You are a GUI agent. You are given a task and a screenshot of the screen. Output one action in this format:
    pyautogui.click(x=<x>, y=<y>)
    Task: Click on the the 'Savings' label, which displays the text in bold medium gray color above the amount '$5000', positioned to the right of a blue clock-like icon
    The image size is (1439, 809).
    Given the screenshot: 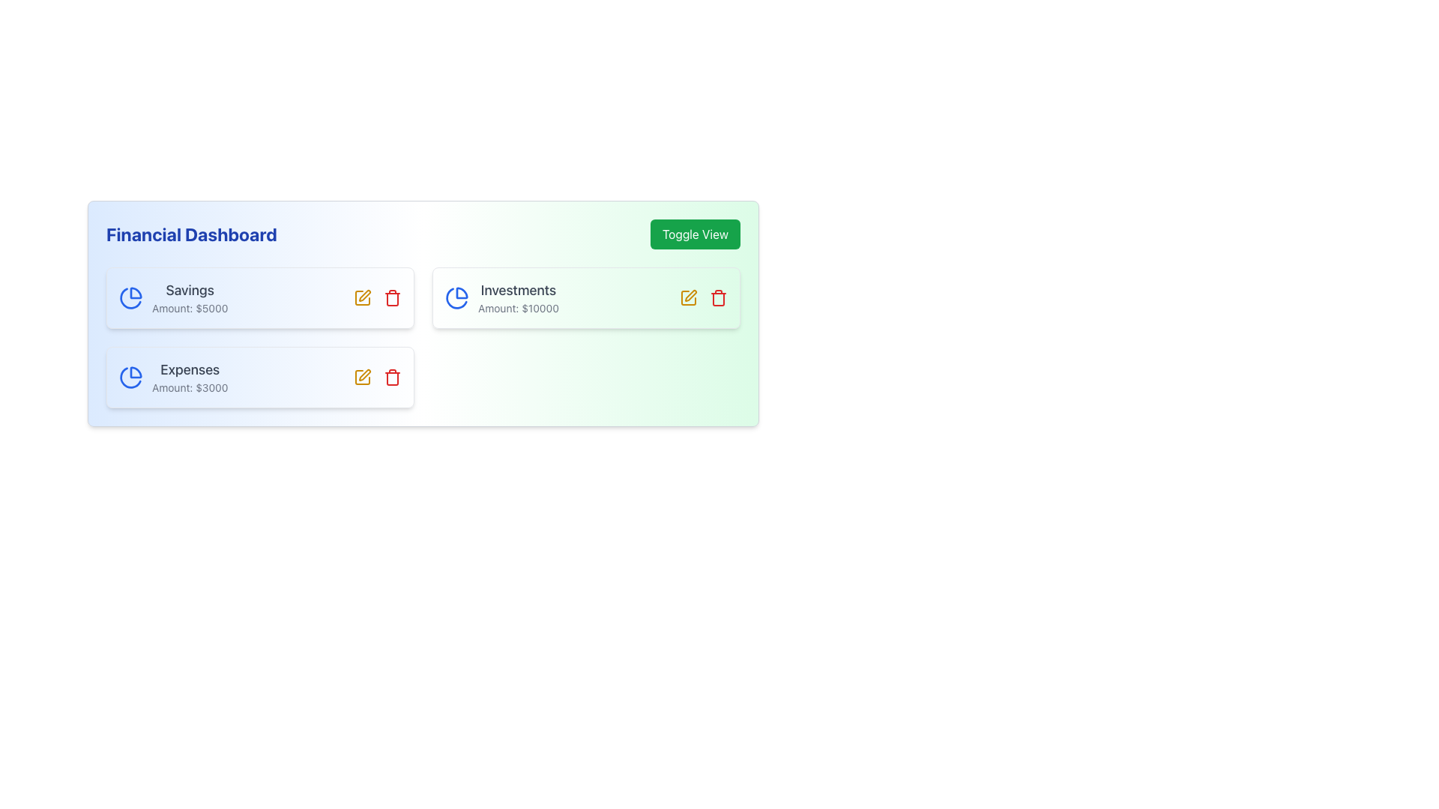 What is the action you would take?
    pyautogui.click(x=189, y=291)
    